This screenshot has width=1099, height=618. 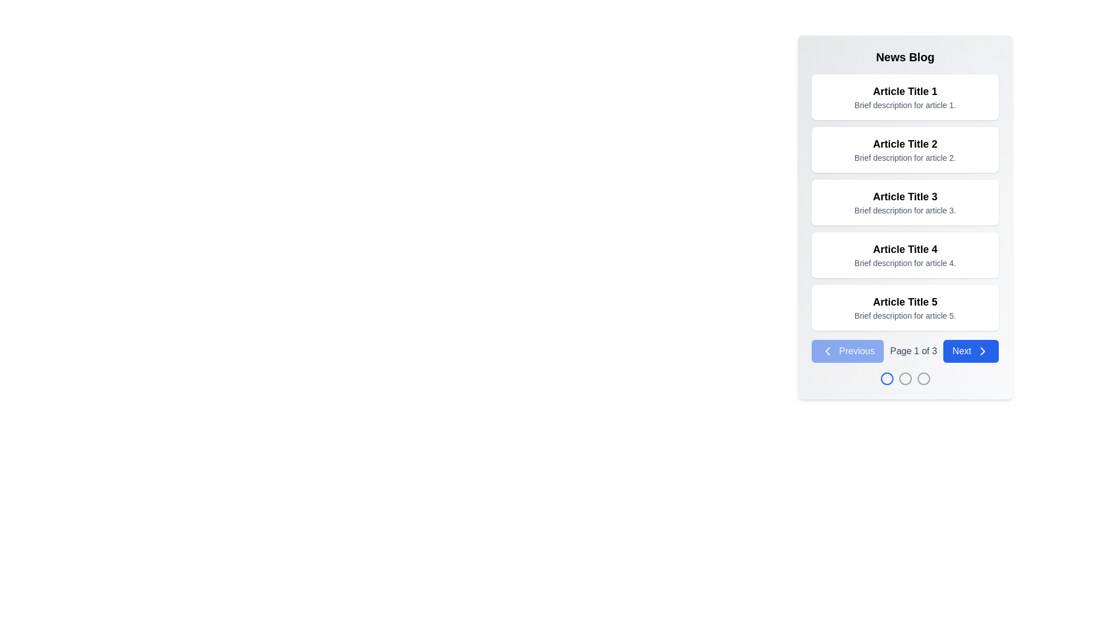 What do you see at coordinates (848, 350) in the screenshot?
I see `the 'Previous' button located in the bottom-left corner of the navigation bar` at bounding box center [848, 350].